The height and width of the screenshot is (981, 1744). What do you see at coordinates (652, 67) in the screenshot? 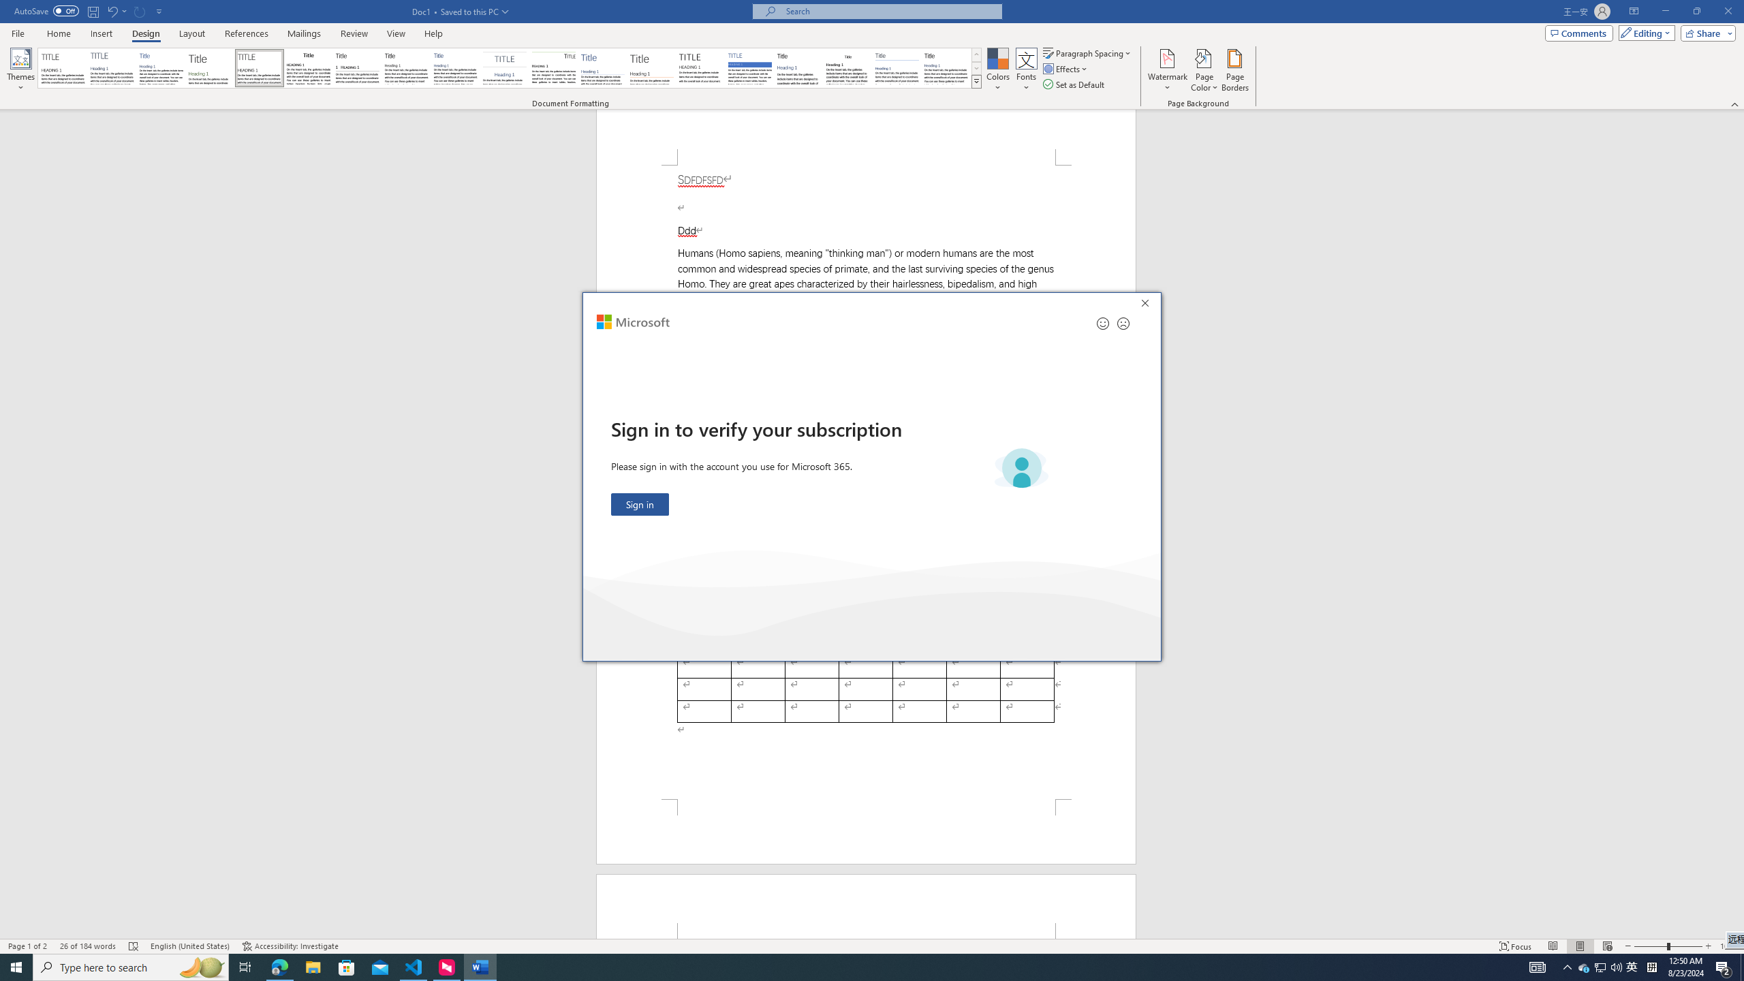
I see `'Lines (Stylish)'` at bounding box center [652, 67].